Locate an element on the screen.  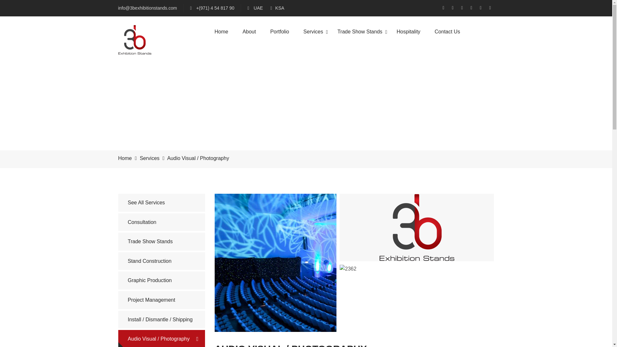
'KSA' is located at coordinates (280, 8).